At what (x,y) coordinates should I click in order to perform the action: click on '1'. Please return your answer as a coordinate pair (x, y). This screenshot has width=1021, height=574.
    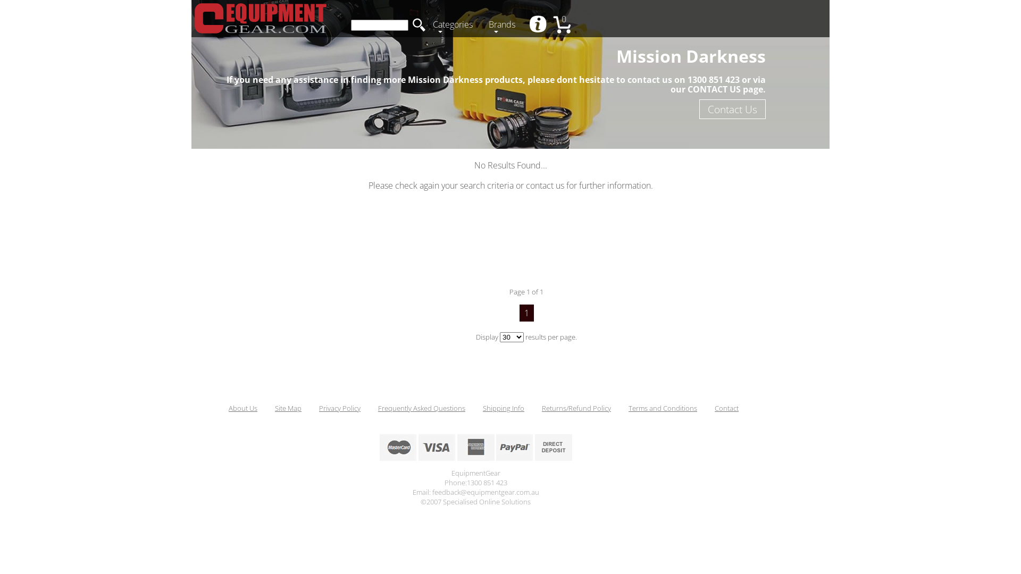
    Looking at the image, I should click on (526, 313).